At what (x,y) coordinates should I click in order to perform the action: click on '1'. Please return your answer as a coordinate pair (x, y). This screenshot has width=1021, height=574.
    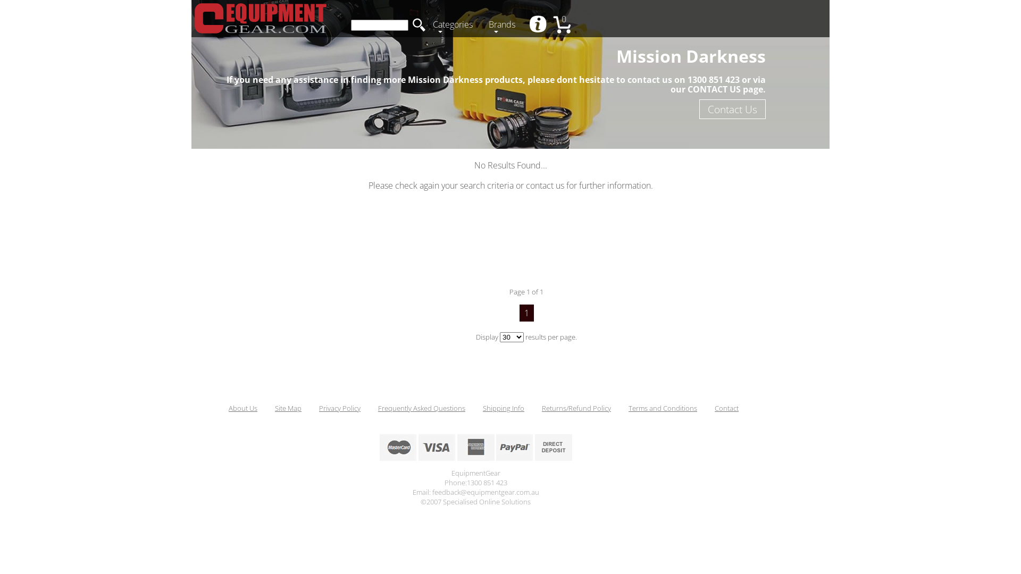
    Looking at the image, I should click on (526, 313).